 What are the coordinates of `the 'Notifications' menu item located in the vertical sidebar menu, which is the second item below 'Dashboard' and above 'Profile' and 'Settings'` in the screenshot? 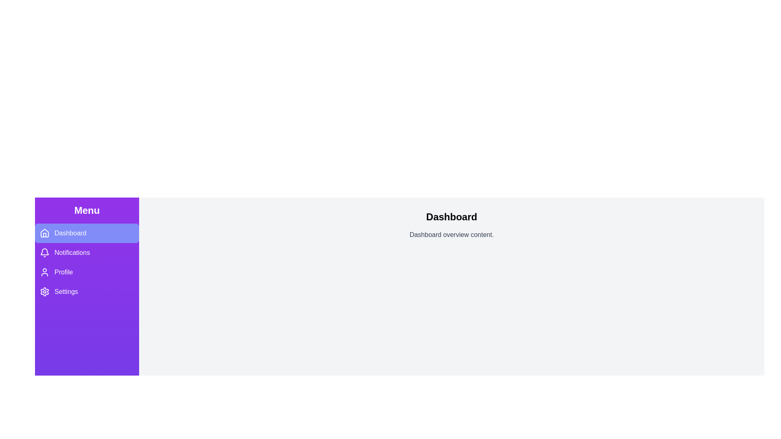 It's located at (87, 262).